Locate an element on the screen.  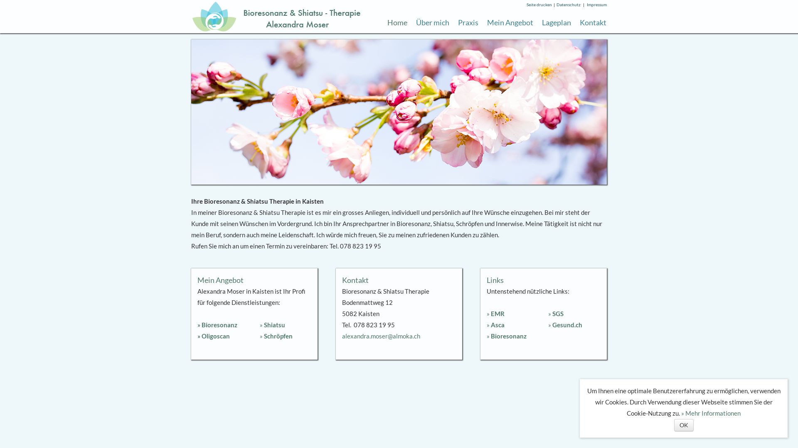
'Asca' is located at coordinates (497, 324).